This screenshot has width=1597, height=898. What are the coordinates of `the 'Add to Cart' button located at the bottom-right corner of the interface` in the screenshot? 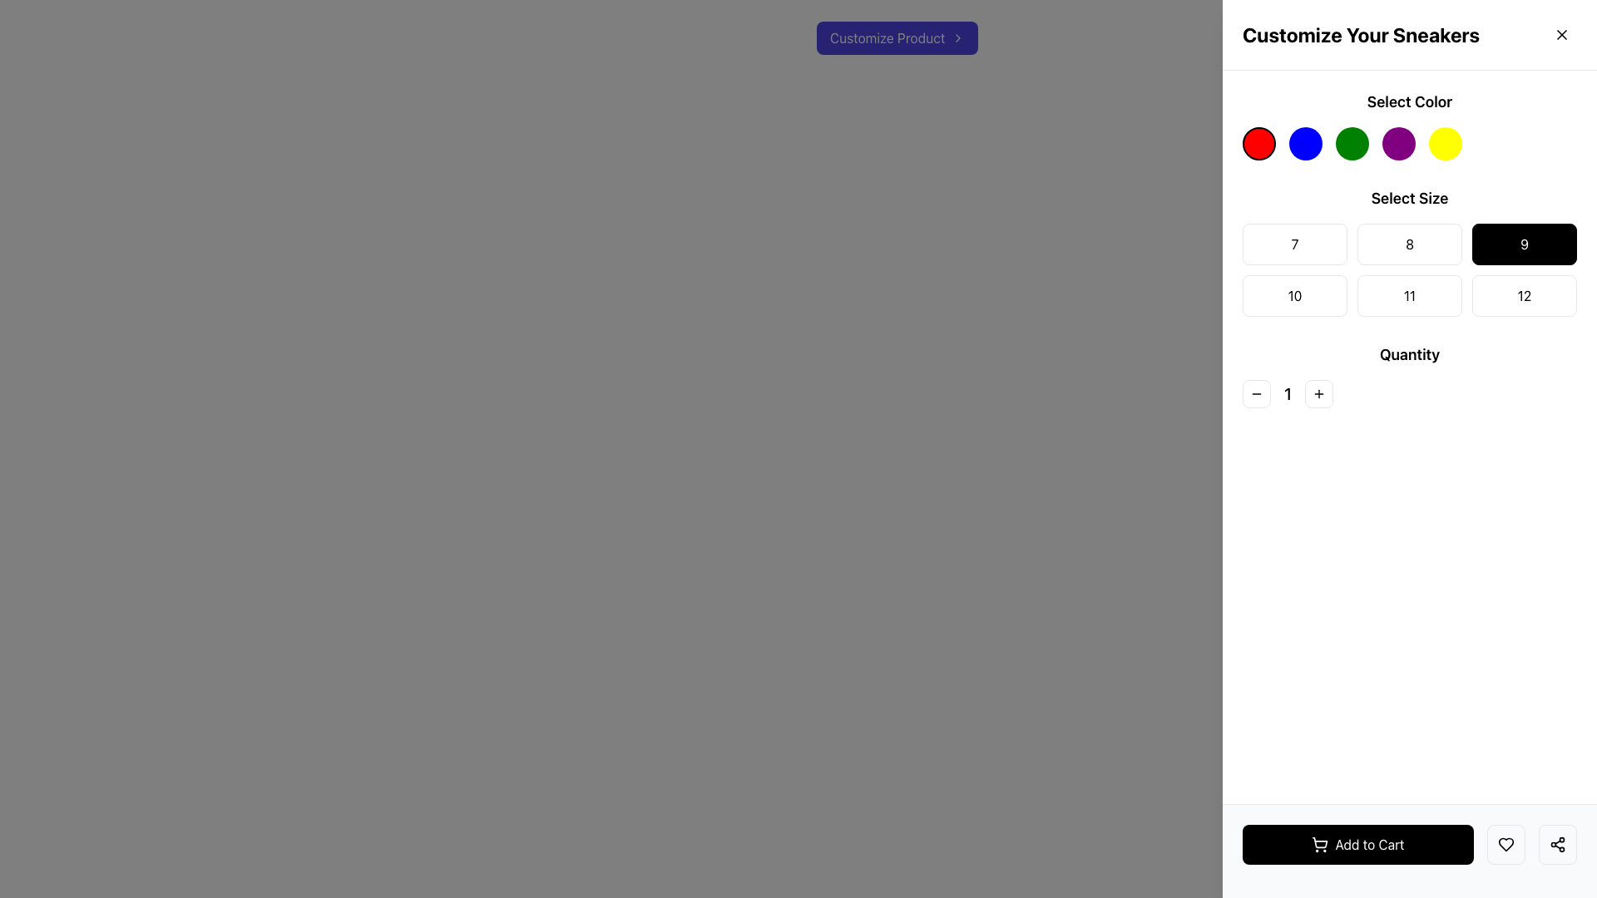 It's located at (1408, 844).